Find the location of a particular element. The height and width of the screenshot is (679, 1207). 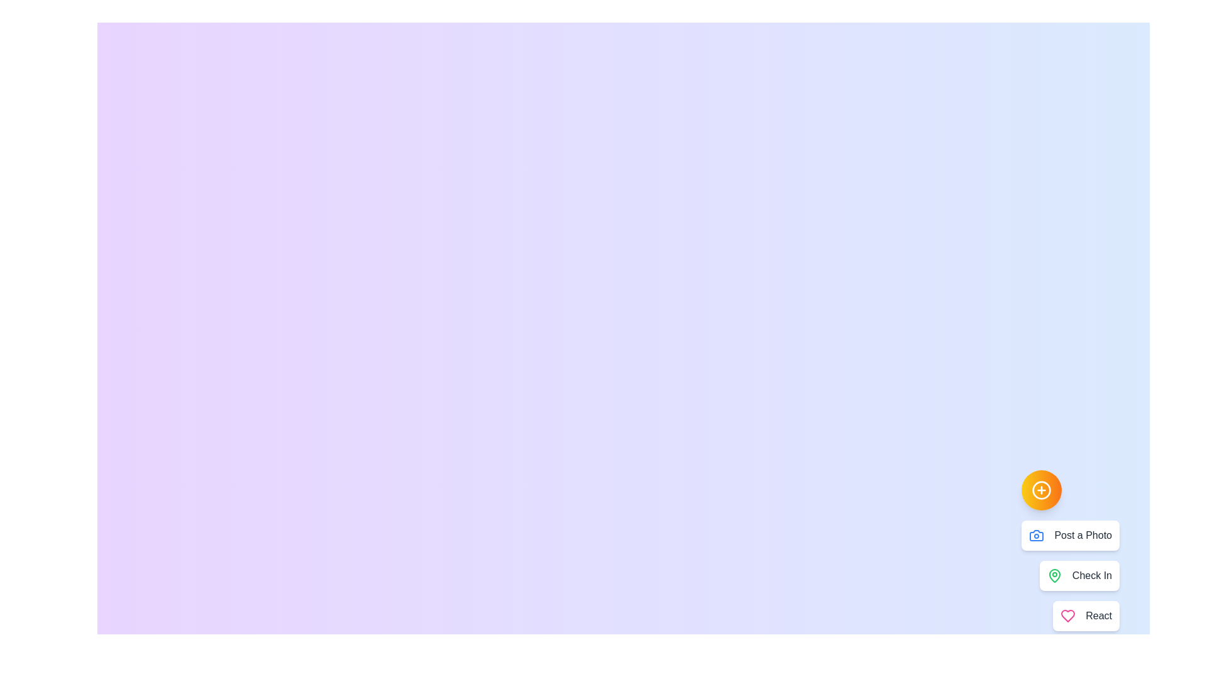

the option labeled Post a Photo to observe its hover effect is located at coordinates (1070, 536).